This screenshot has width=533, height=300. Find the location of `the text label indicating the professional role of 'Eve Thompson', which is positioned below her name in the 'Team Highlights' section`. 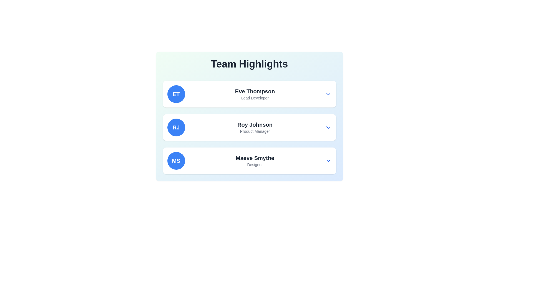

the text label indicating the professional role of 'Eve Thompson', which is positioned below her name in the 'Team Highlights' section is located at coordinates (255, 98).